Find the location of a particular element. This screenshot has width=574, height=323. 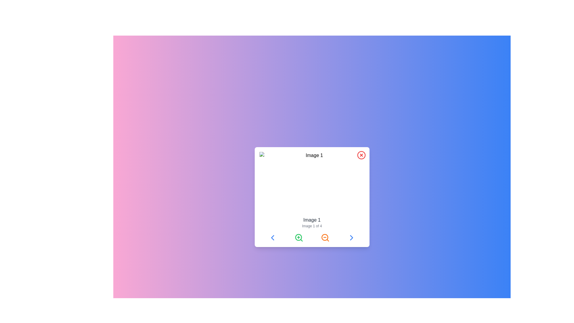

the close button located in the top-right corner of the card interface is located at coordinates (361, 155).